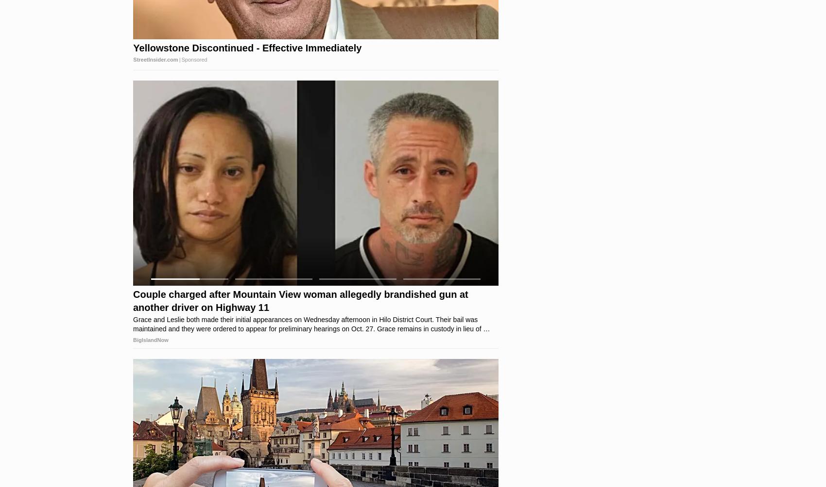 The height and width of the screenshot is (487, 826). Describe the element at coordinates (133, 294) in the screenshot. I see `'This Is The Car Travis Kelce Really Drives'` at that location.